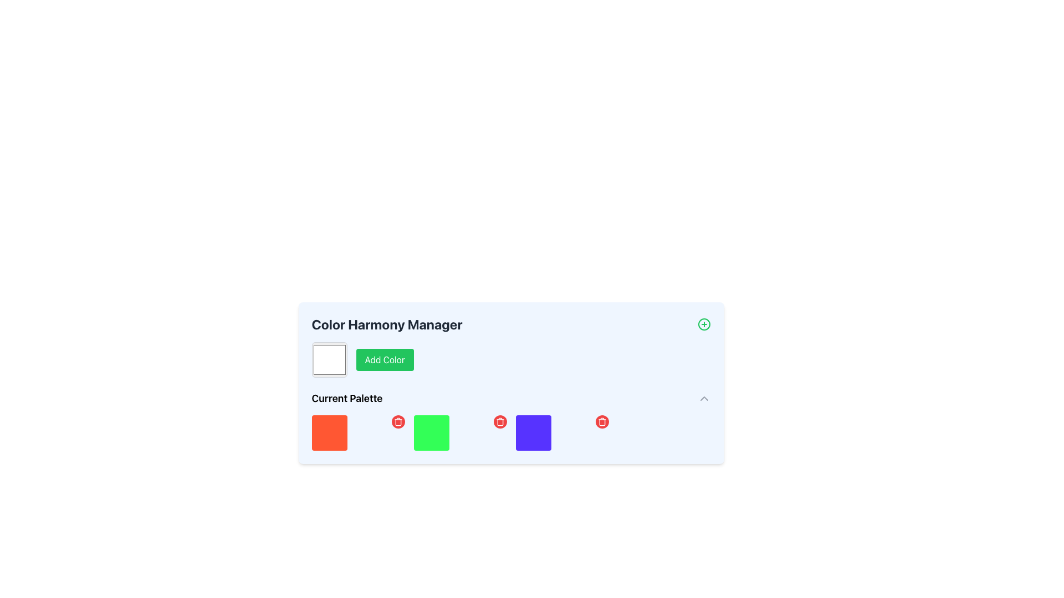 The height and width of the screenshot is (598, 1064). Describe the element at coordinates (703, 324) in the screenshot. I see `the interactive button located at the top-right corner of the 'Color Harmony Manager' section` at that location.